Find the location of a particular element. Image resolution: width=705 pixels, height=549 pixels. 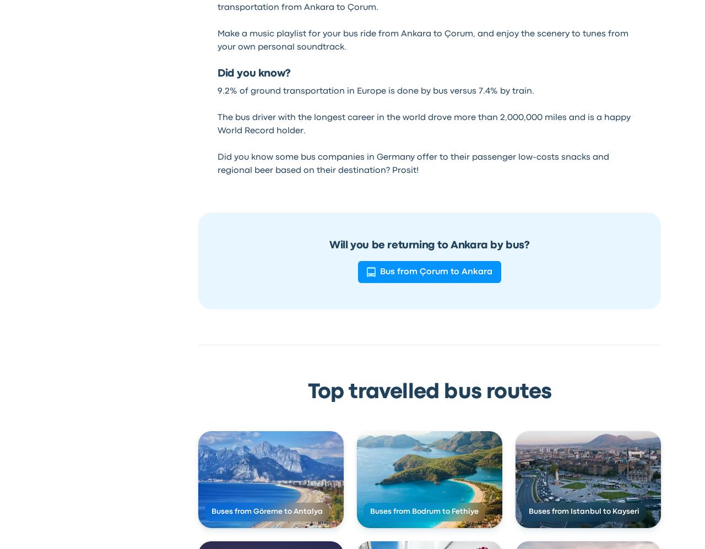

'Buses from Istanbul to Kayseri' is located at coordinates (527, 512).